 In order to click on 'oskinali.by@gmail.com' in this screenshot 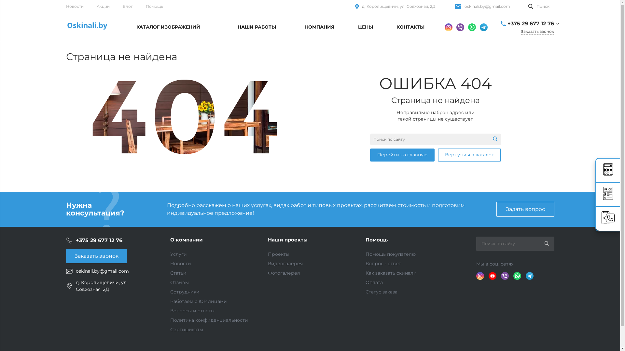, I will do `click(487, 6)`.